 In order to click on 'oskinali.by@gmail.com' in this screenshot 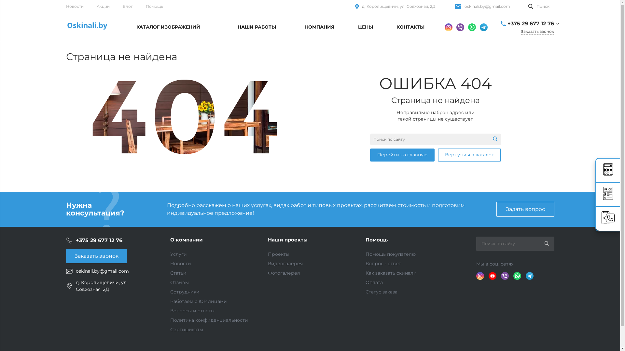, I will do `click(487, 6)`.